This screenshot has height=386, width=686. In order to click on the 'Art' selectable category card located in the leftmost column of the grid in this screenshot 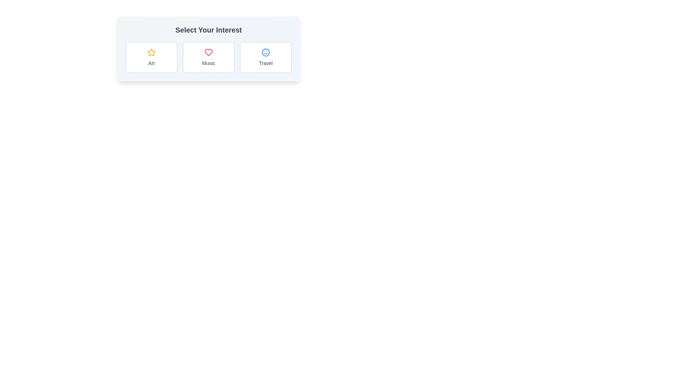, I will do `click(151, 57)`.